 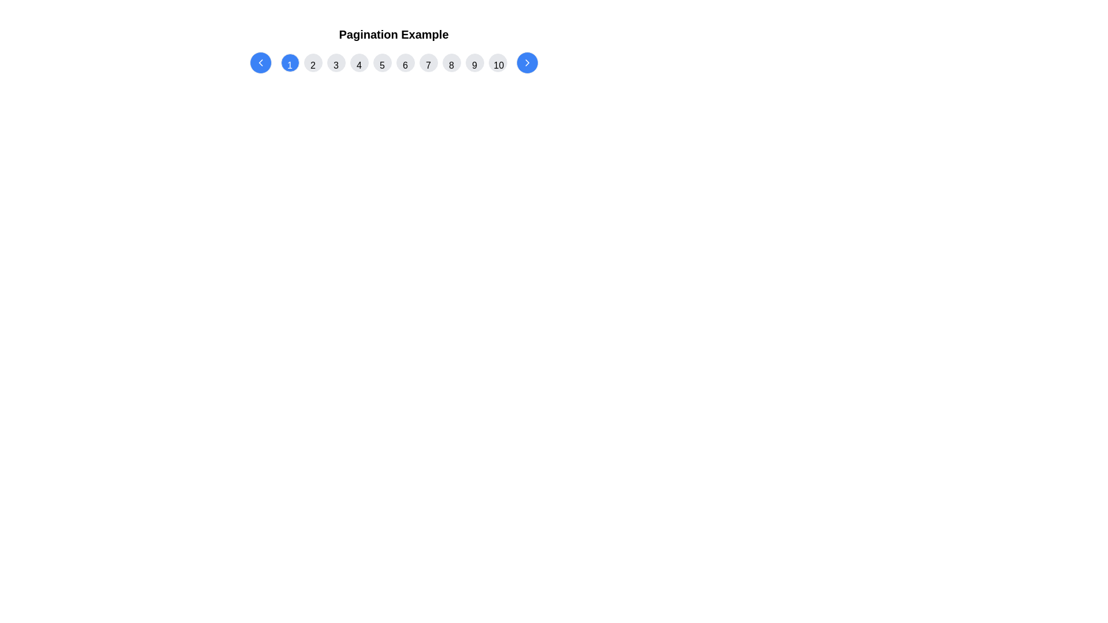 I want to click on the circular button with a light gray background and the number '7' in black at its center, so click(x=428, y=62).